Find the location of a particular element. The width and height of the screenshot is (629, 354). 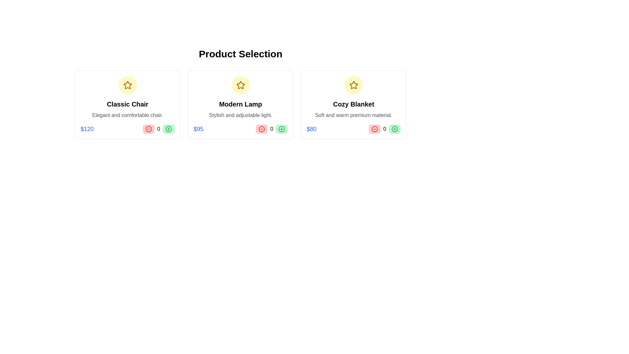

the descriptive slogan or feature summary text element located within the product card below 'Classic Chair' and above the price '$120' is located at coordinates (127, 115).